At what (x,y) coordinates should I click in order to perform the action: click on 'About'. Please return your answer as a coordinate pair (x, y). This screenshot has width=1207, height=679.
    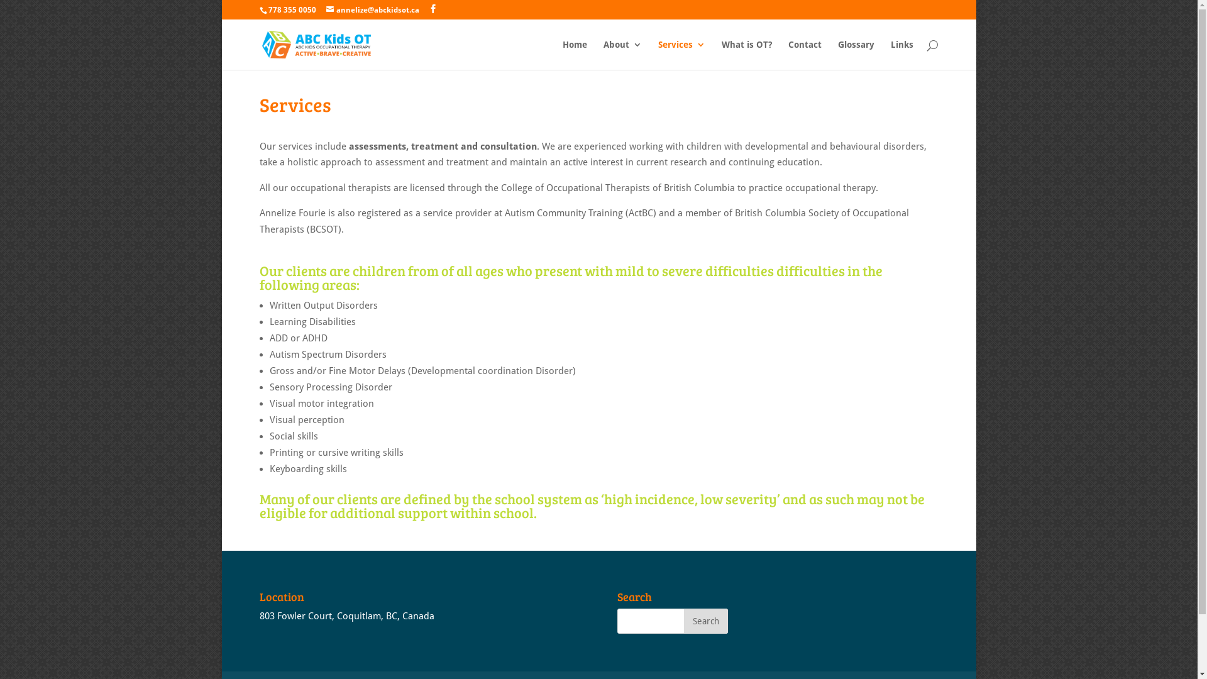
    Looking at the image, I should click on (622, 54).